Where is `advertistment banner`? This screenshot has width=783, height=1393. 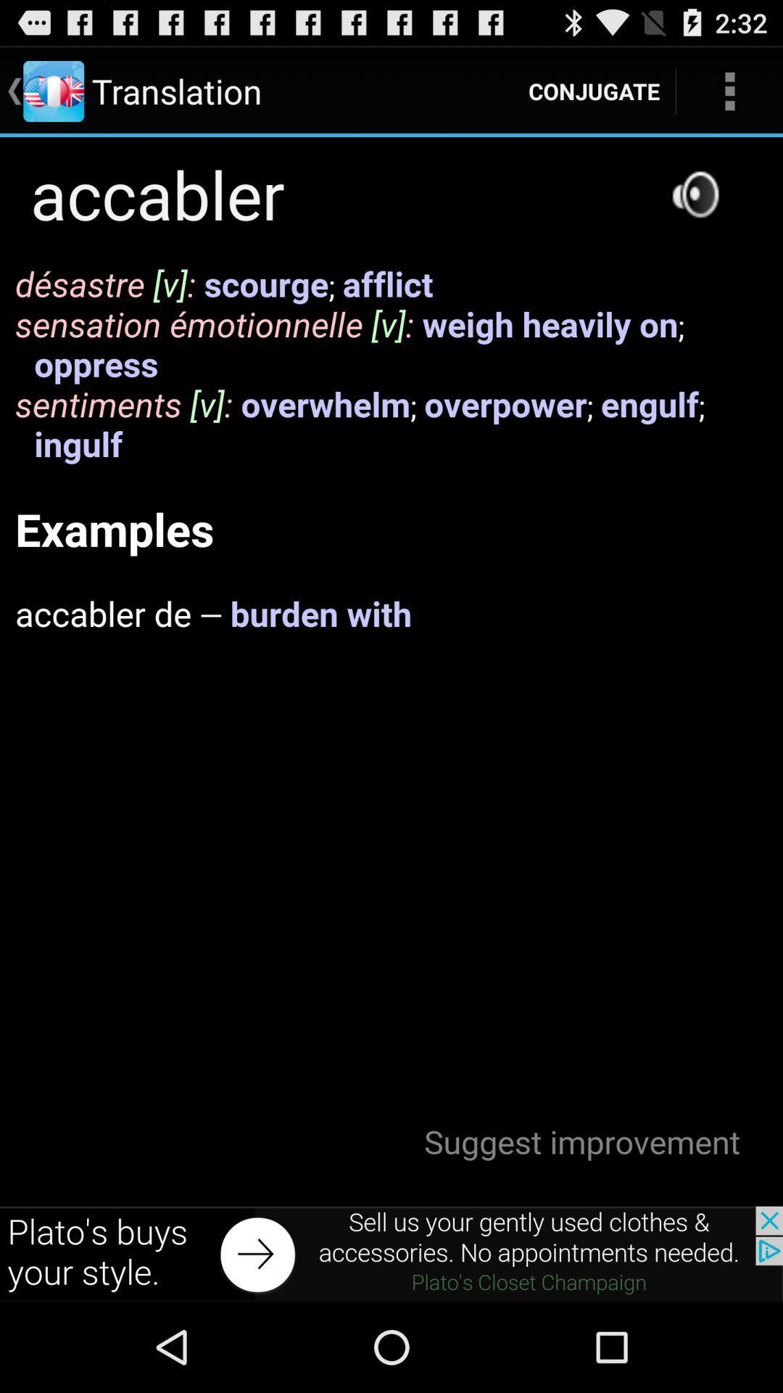
advertistment banner is located at coordinates (391, 1253).